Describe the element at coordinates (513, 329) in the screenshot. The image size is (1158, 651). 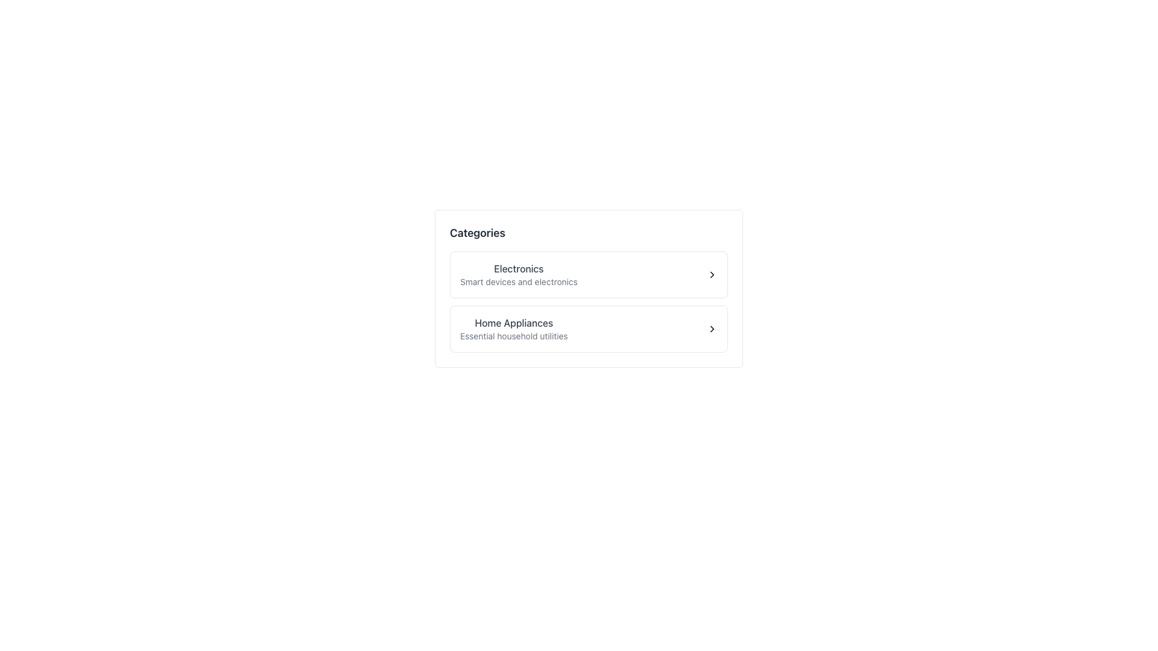
I see `the 'Home Appliances' text block` at that location.